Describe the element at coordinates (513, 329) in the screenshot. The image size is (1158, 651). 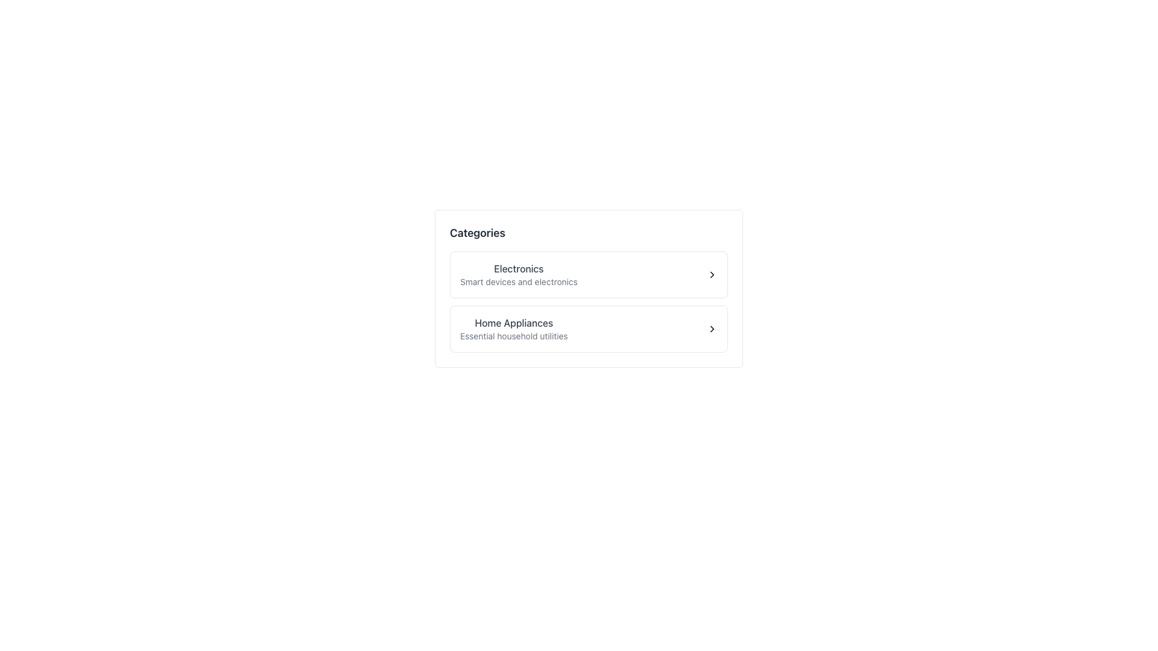
I see `the 'Home Appliances' text block` at that location.